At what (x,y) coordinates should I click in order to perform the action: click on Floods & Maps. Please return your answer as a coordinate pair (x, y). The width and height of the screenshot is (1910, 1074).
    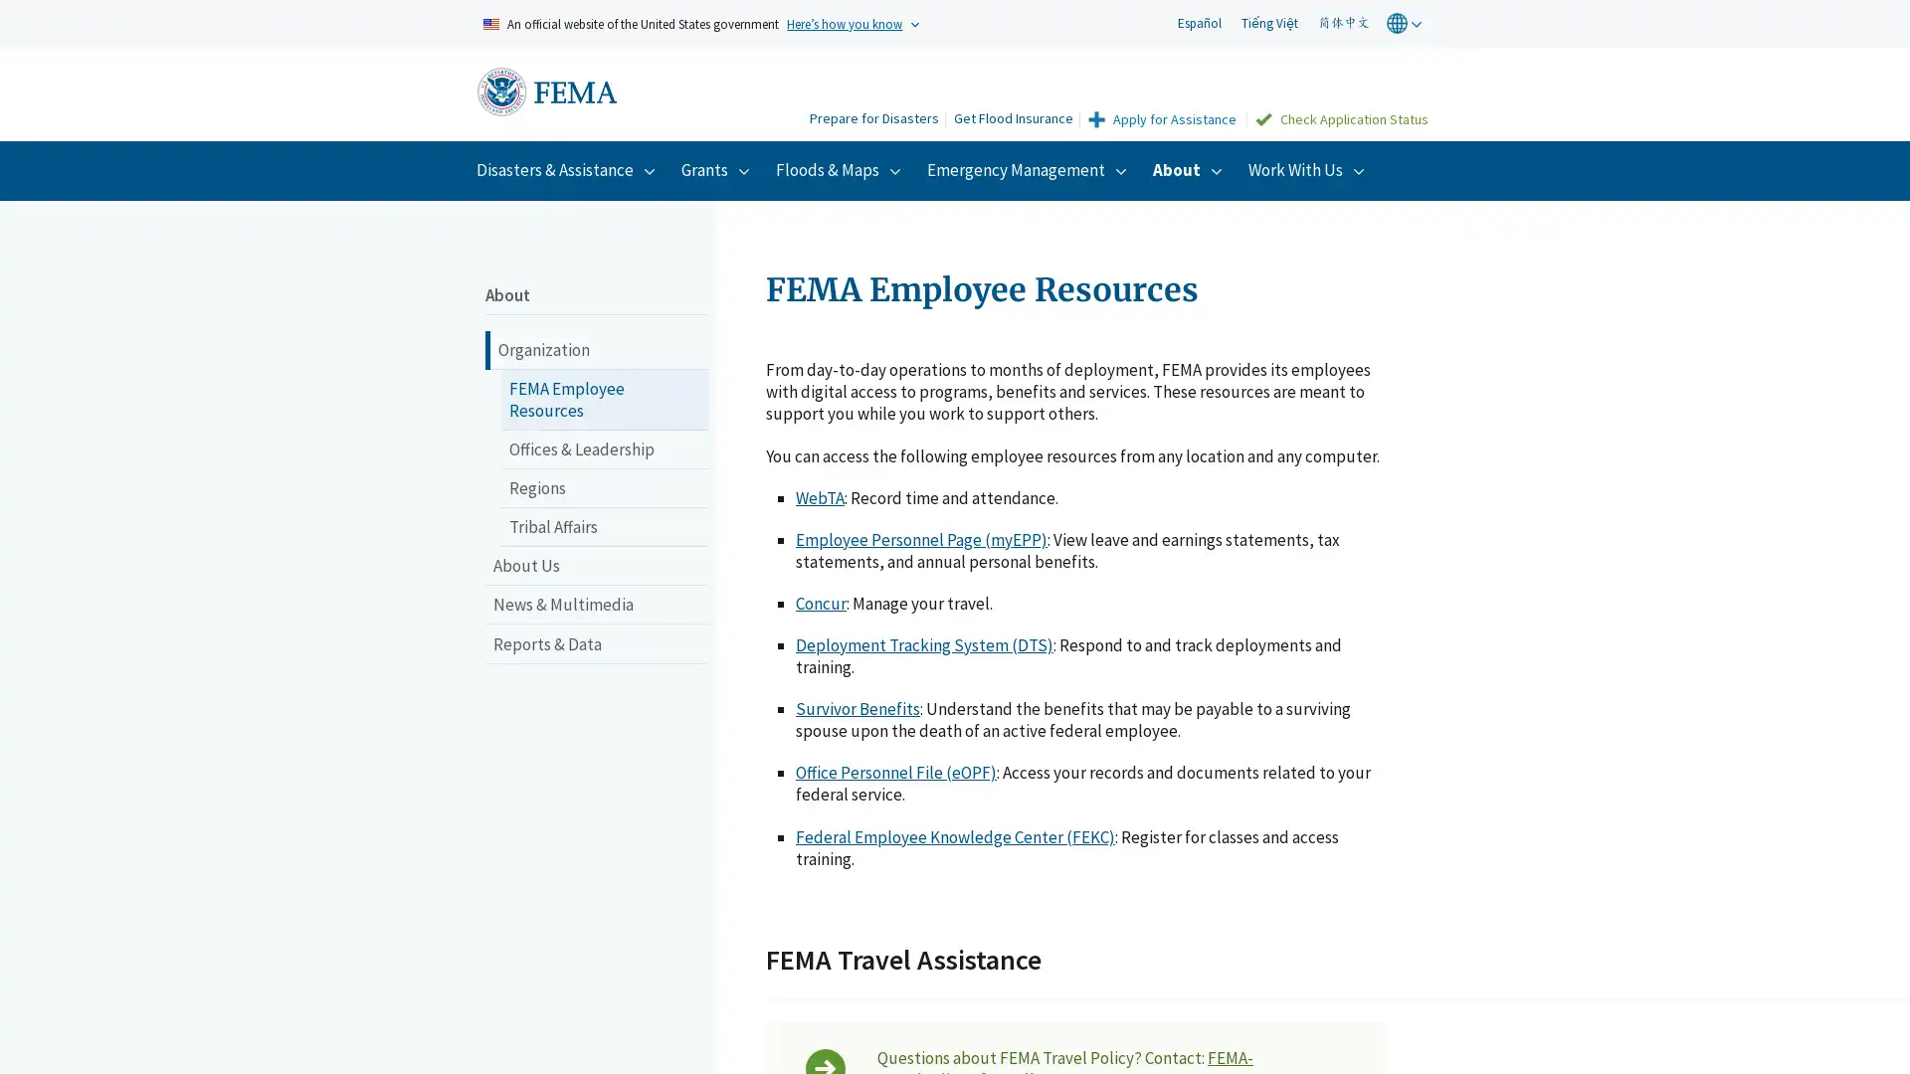
    Looking at the image, I should click on (841, 168).